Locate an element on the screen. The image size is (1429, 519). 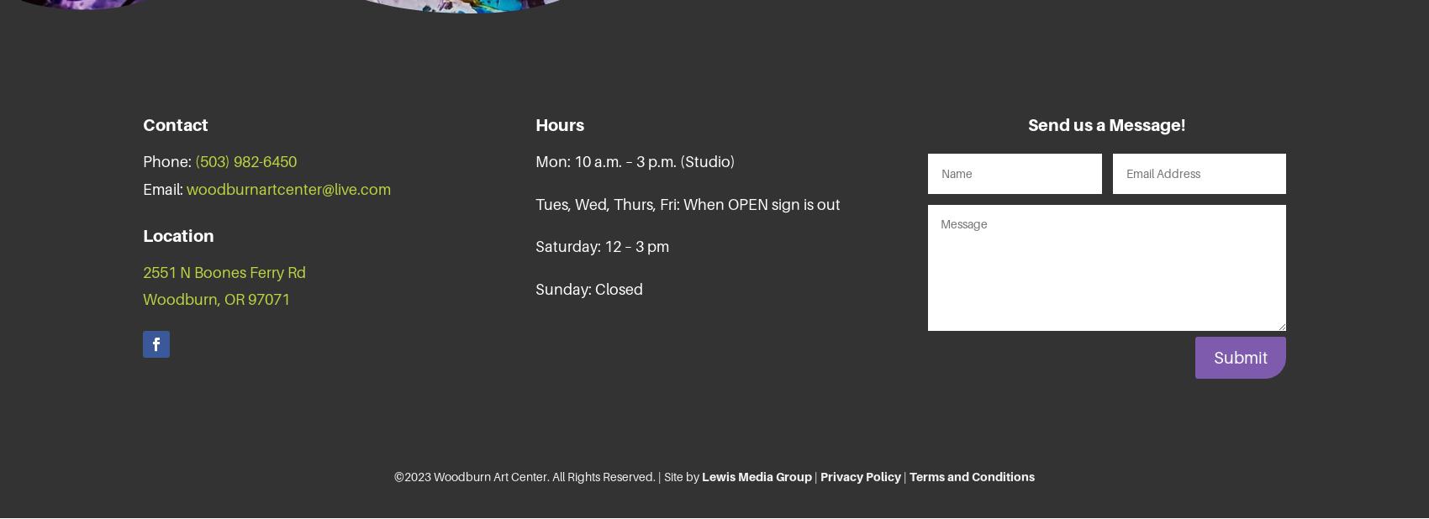
'Hours' is located at coordinates (559, 123).